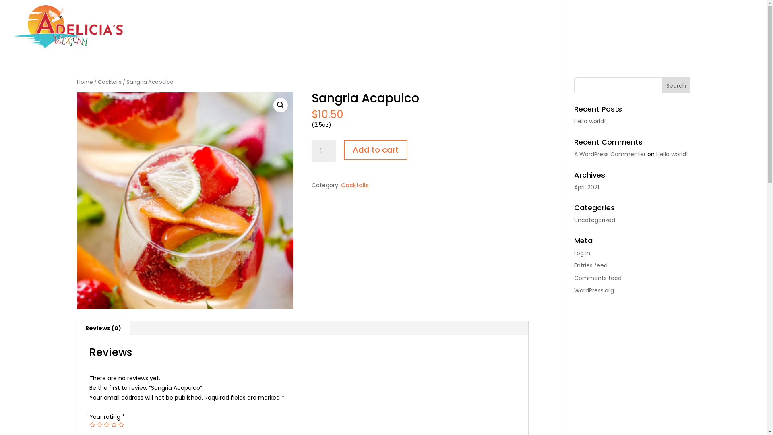 This screenshot has height=435, width=773. I want to click on 'Search', so click(676, 85).